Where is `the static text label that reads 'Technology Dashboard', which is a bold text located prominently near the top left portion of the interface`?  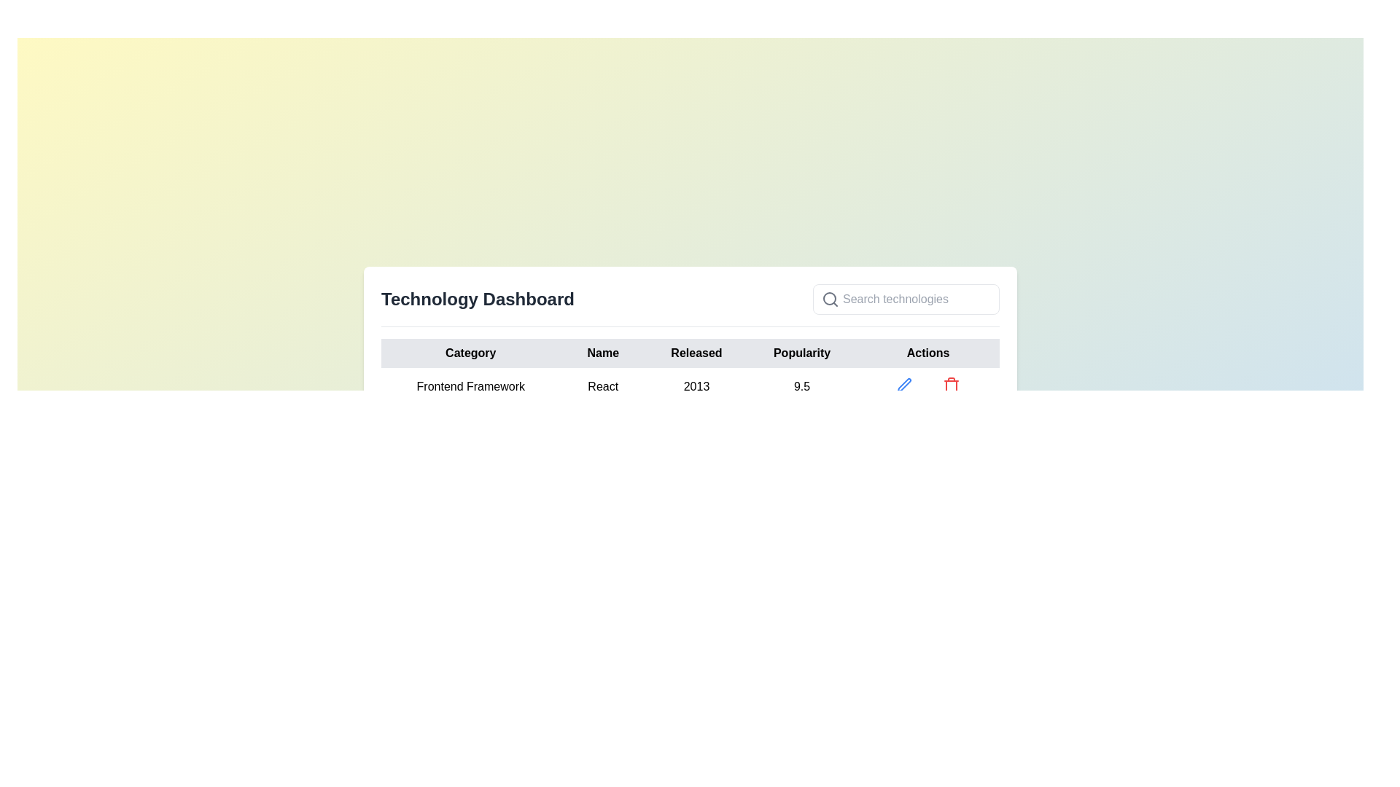
the static text label that reads 'Technology Dashboard', which is a bold text located prominently near the top left portion of the interface is located at coordinates (478, 299).